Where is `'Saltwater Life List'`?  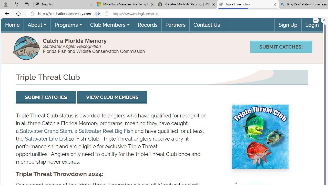
'Saltwater Life List' is located at coordinates (46, 138).